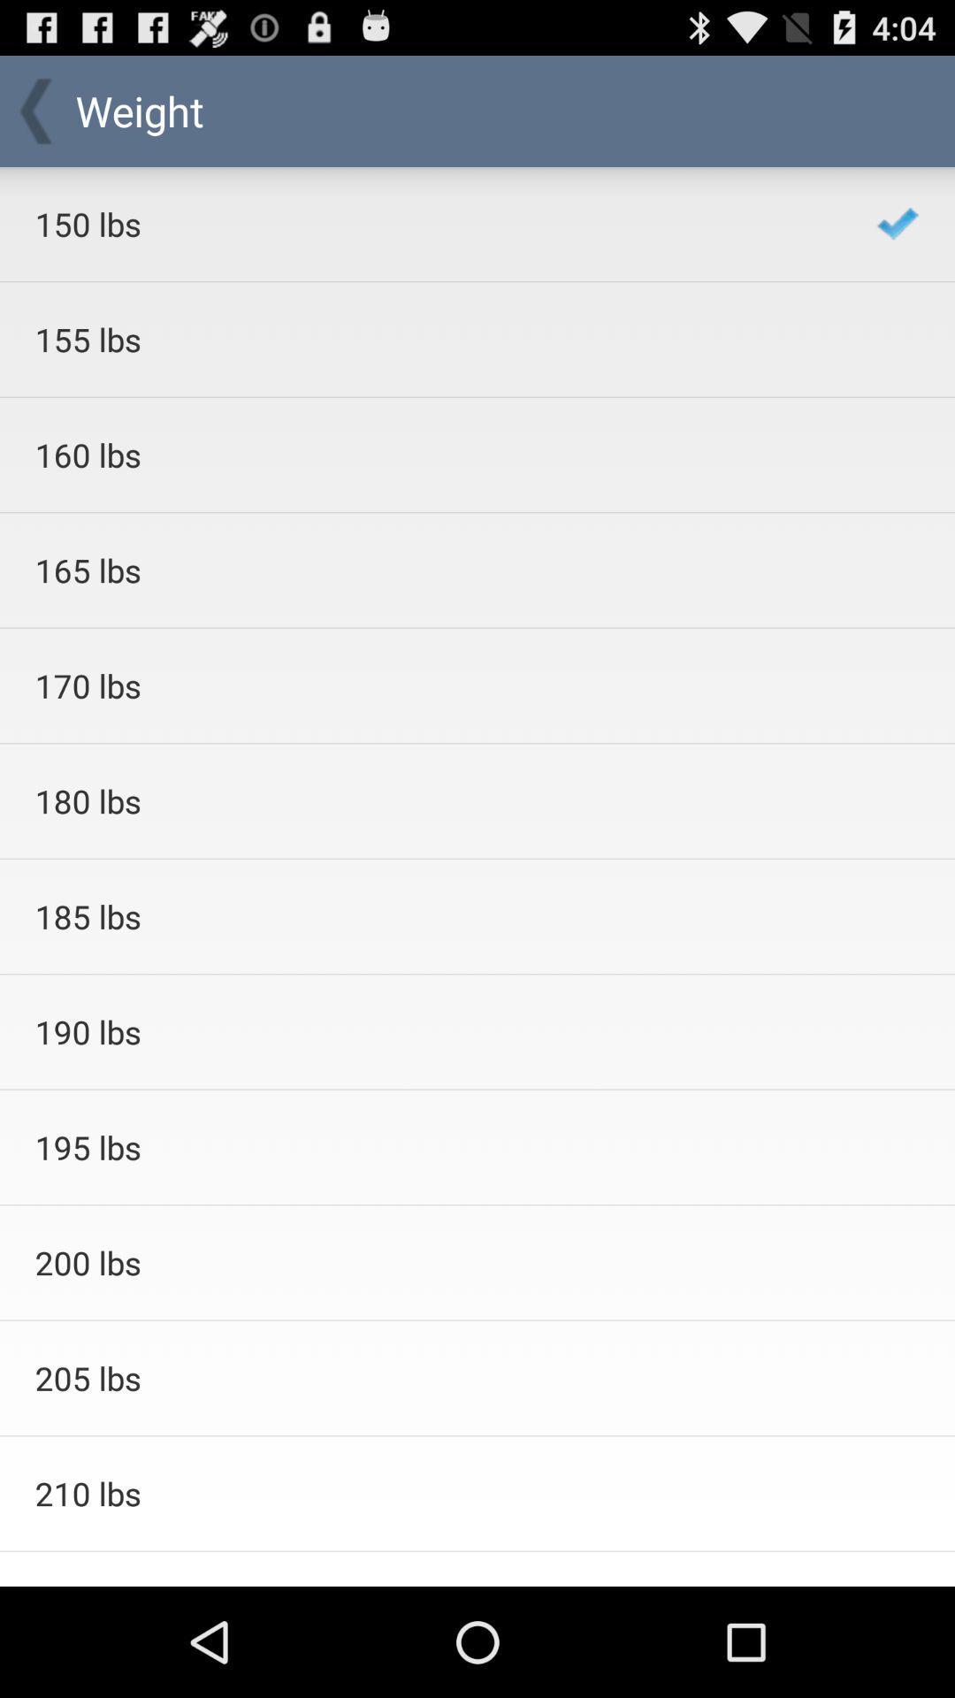 The height and width of the screenshot is (1698, 955). What do you see at coordinates (432, 1147) in the screenshot?
I see `item below 190 lbs` at bounding box center [432, 1147].